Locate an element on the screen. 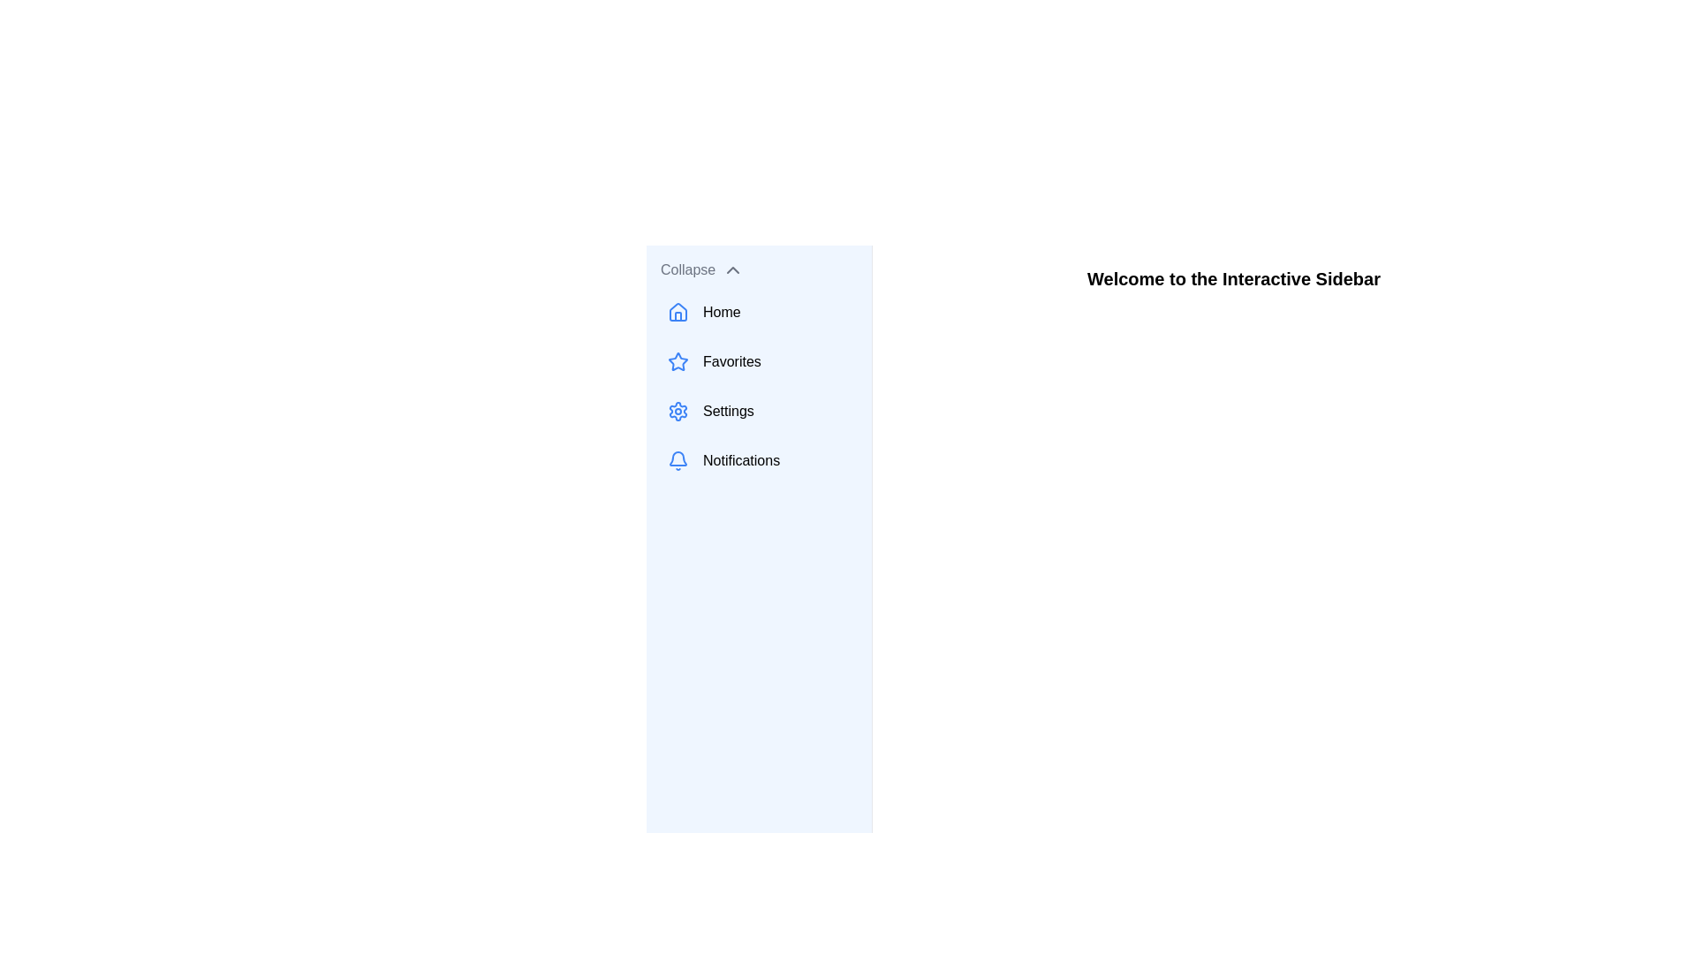  the star-shaped icon outlined in blue that is located to the left of the 'Favorites' text in the sidebar menu is located at coordinates (678, 360).